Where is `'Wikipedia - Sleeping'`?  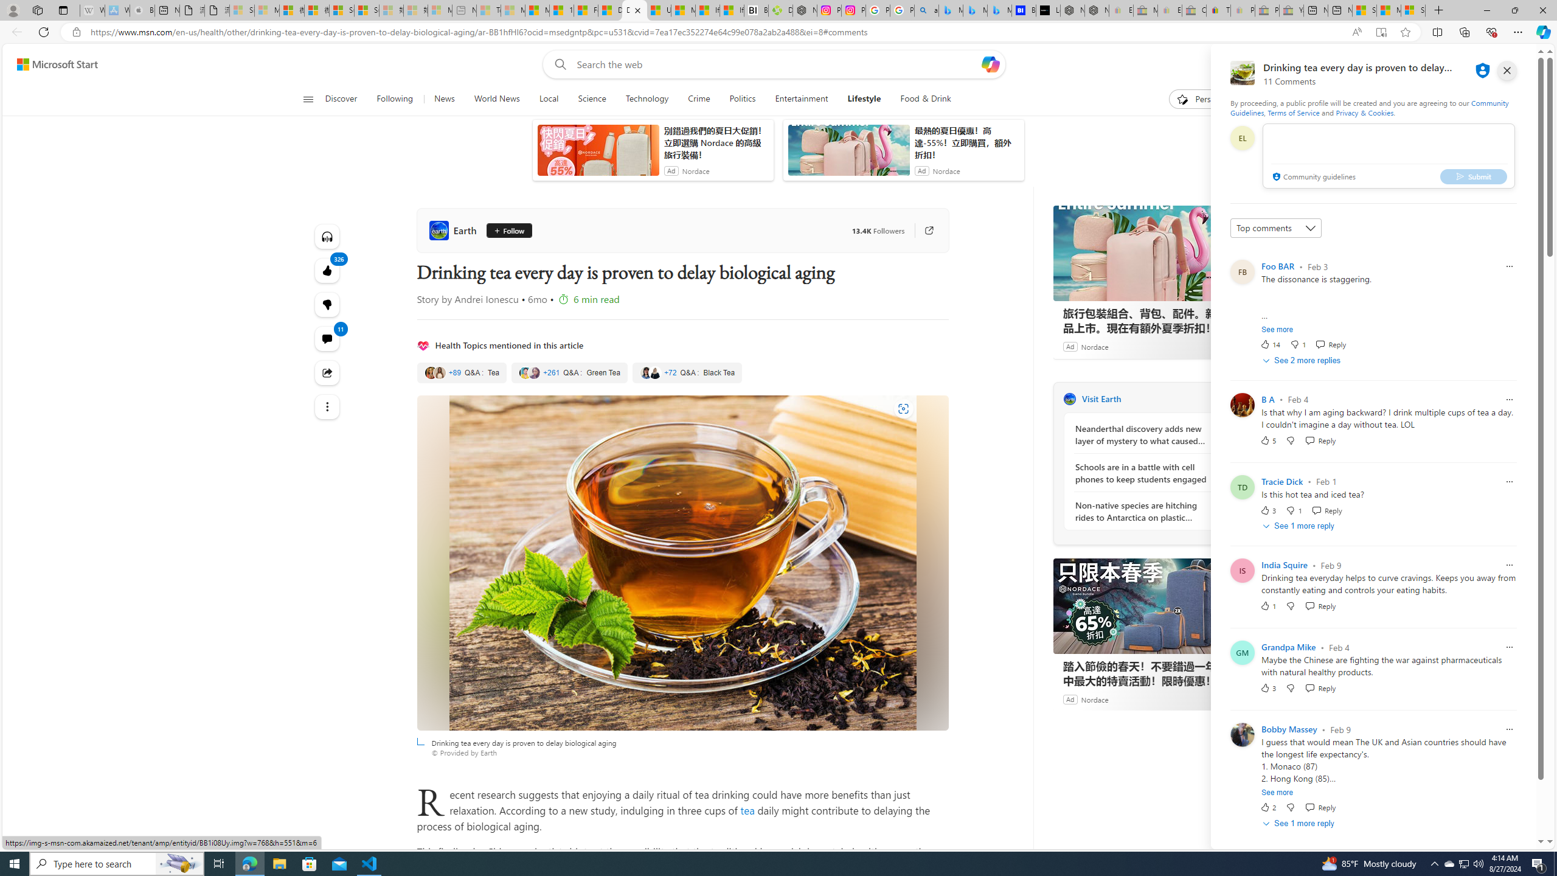 'Wikipedia - Sleeping' is located at coordinates (92, 10).